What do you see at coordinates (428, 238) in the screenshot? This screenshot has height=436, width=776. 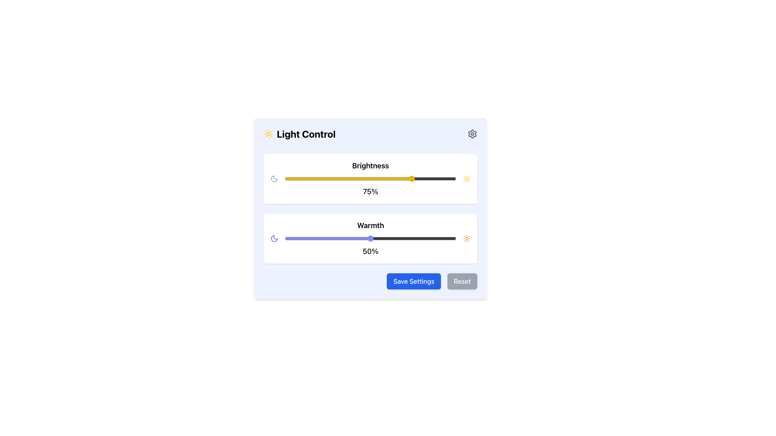 I see `warmth` at bounding box center [428, 238].